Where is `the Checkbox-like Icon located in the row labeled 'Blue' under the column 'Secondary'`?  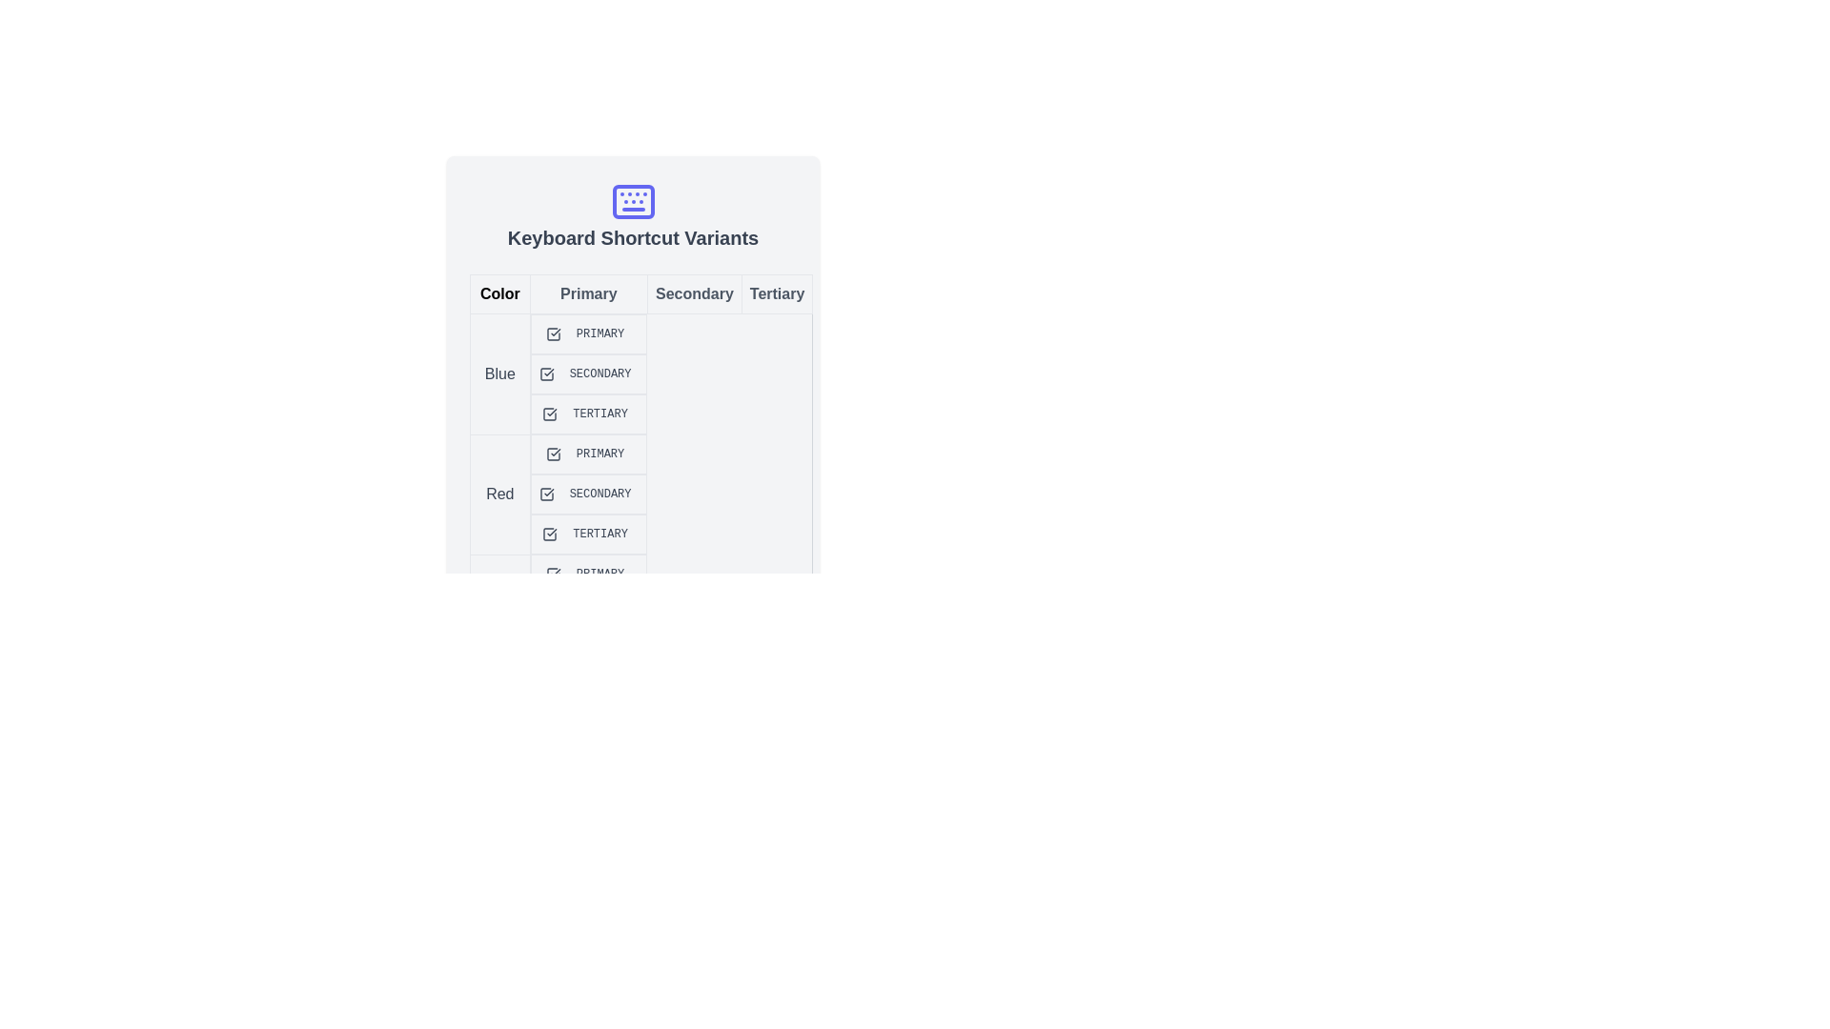 the Checkbox-like Icon located in the row labeled 'Blue' under the column 'Secondary' is located at coordinates (545, 374).